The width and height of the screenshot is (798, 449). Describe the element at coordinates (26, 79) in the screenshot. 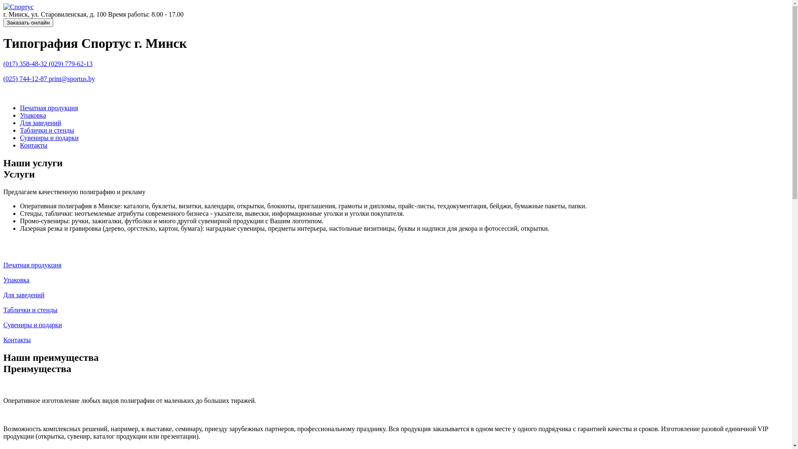

I see `'(025) 744-12-87'` at that location.